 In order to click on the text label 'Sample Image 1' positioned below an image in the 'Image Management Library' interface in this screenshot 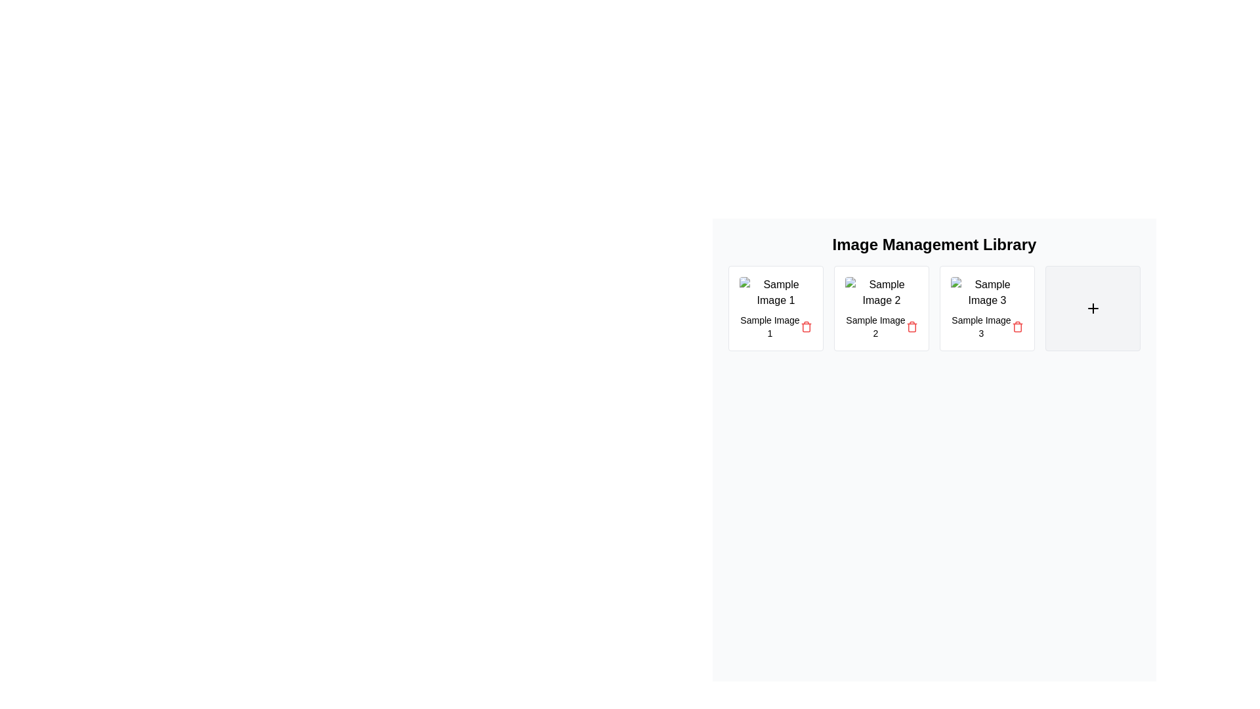, I will do `click(770, 326)`.